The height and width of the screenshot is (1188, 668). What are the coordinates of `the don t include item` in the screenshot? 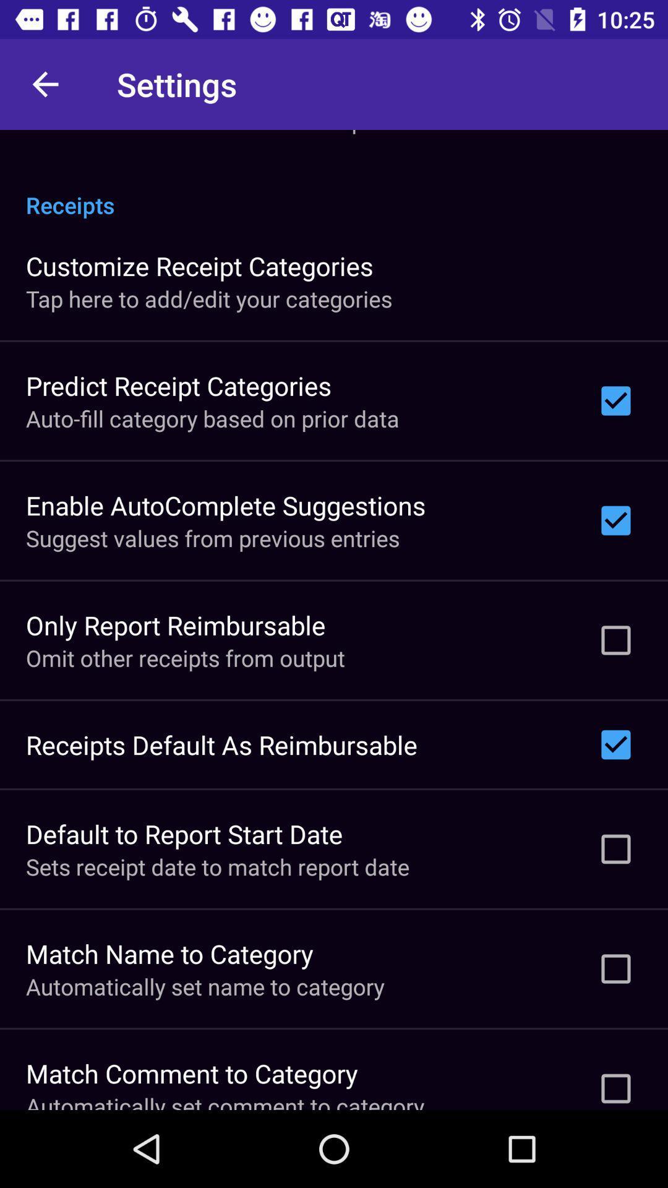 It's located at (214, 132).